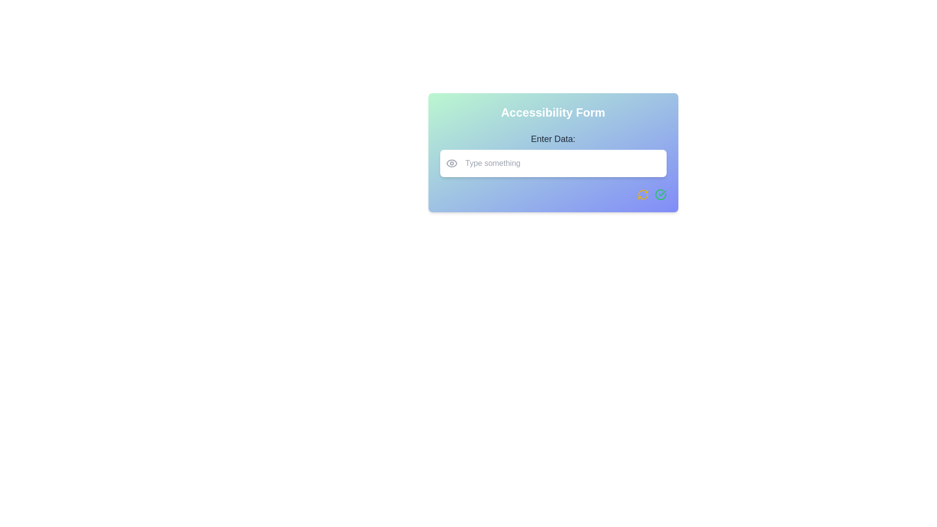 This screenshot has height=527, width=937. What do you see at coordinates (553, 154) in the screenshot?
I see `the white text input field with placeholder text 'Type something' located below the bold text 'Enter Data:' in the card-style component titled 'Accessibility Form' to focus on it` at bounding box center [553, 154].